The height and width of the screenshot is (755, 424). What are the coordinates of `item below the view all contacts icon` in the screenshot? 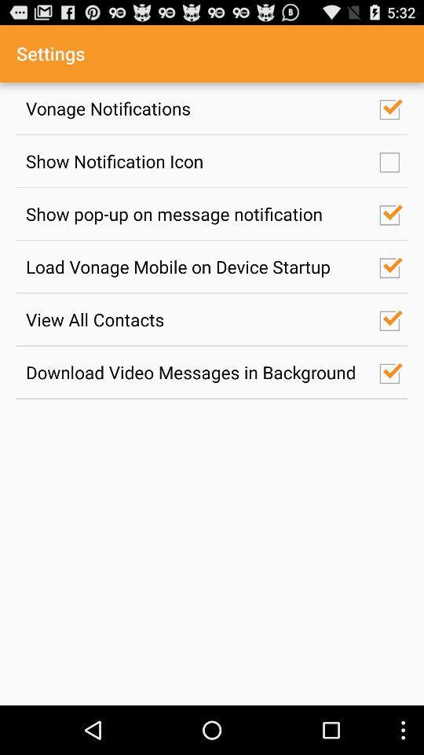 It's located at (194, 372).